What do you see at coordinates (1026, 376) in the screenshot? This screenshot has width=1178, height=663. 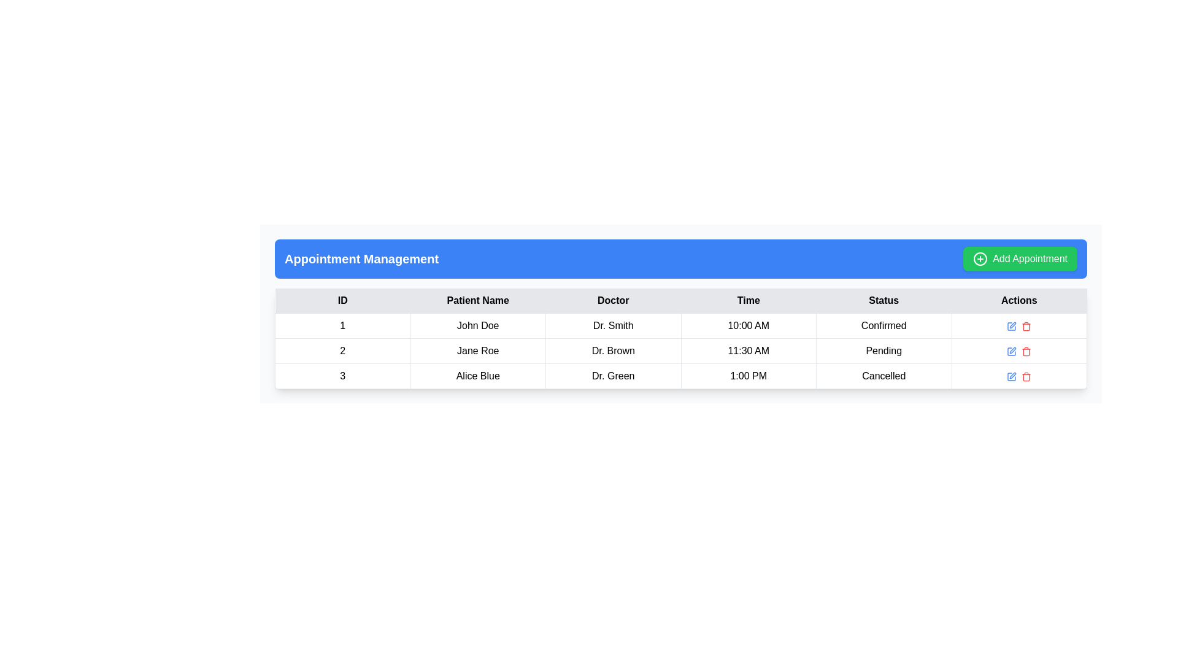 I see `the icon button located at the far right of the third row under the 'Actions' column` at bounding box center [1026, 376].